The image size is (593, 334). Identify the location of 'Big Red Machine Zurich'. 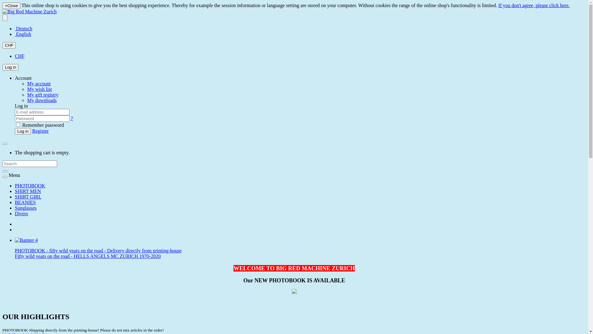
(29, 11).